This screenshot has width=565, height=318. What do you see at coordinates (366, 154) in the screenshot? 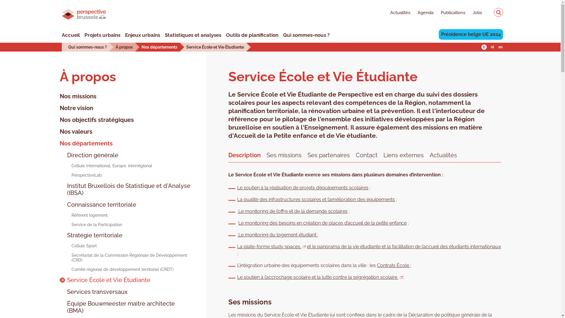
I see `'Contact'` at bounding box center [366, 154].